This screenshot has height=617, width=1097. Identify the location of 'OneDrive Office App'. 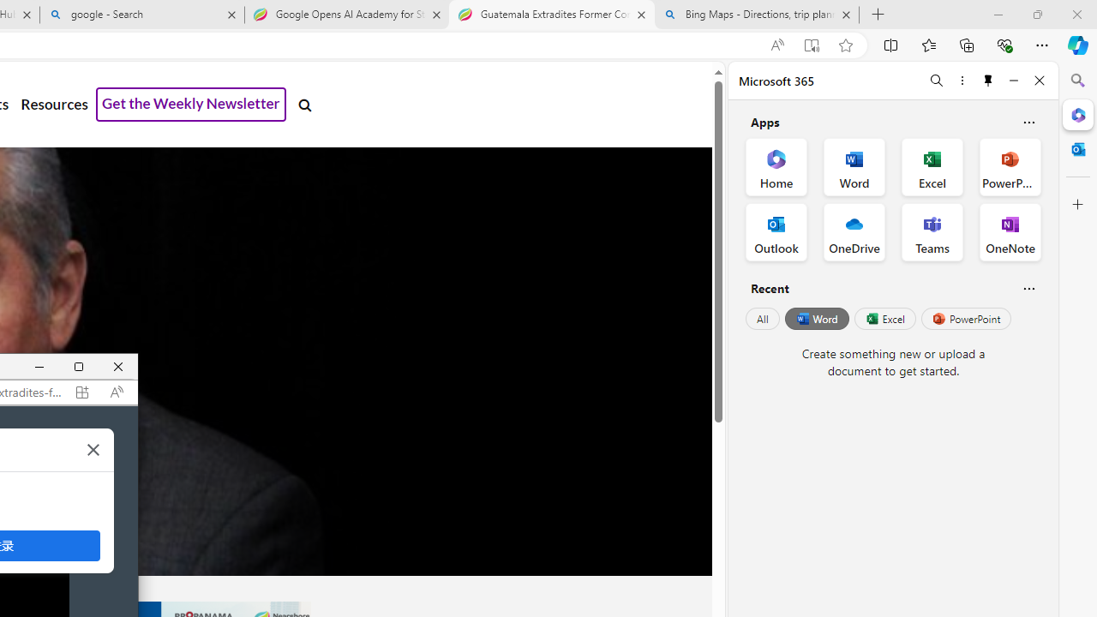
(854, 232).